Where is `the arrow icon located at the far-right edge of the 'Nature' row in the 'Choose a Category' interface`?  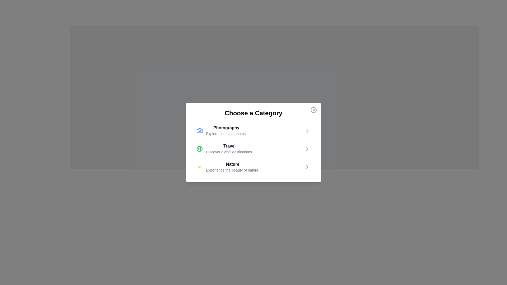 the arrow icon located at the far-right edge of the 'Nature' row in the 'Choose a Category' interface is located at coordinates (307, 167).